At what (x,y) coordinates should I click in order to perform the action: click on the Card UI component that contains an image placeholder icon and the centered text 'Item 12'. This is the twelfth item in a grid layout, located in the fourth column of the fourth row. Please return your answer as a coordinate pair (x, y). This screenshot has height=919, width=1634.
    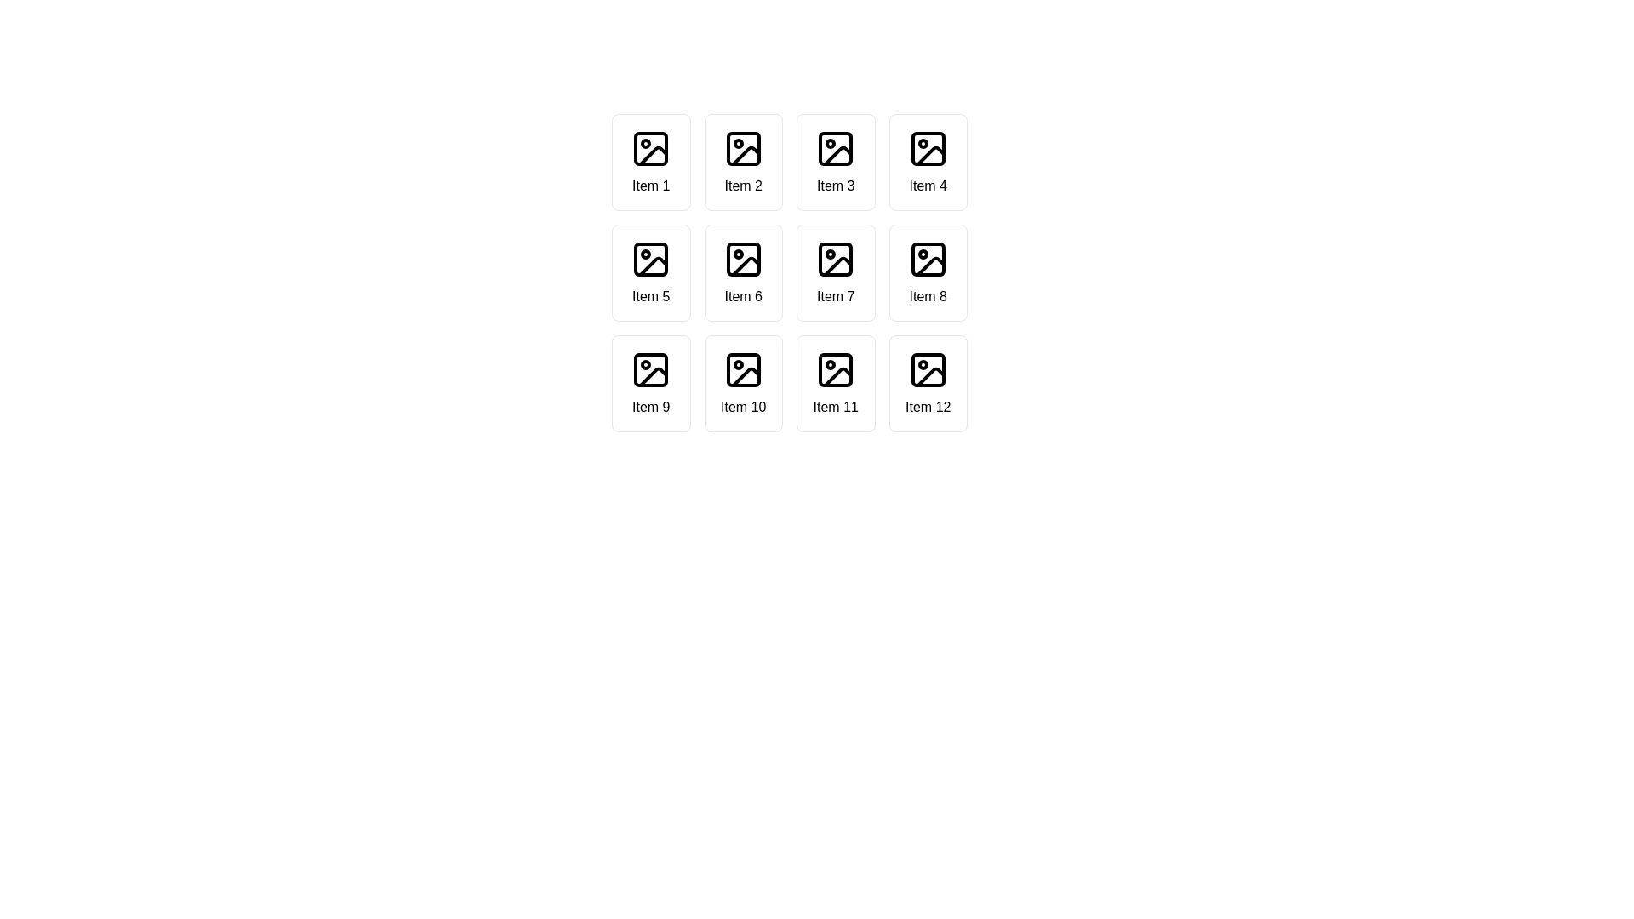
    Looking at the image, I should click on (927, 384).